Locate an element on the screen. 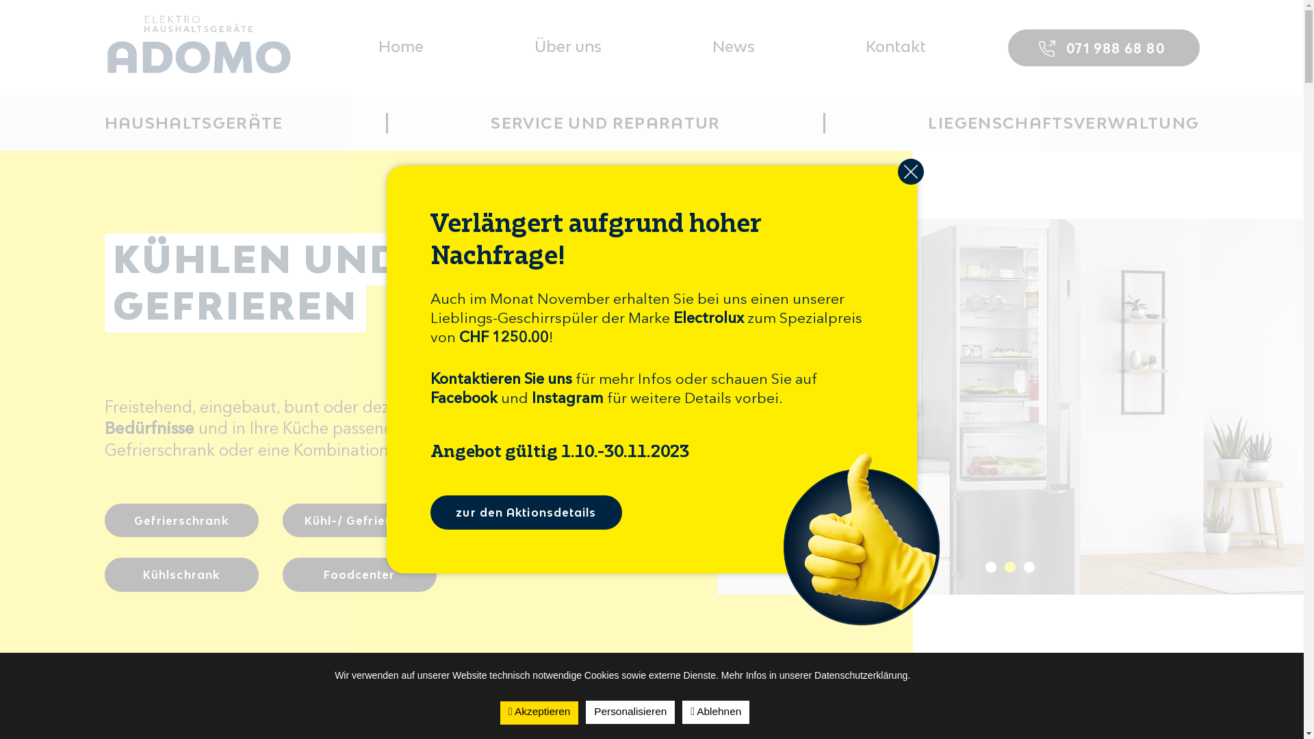  'SERVICE UND REPARATUR' is located at coordinates (604, 123).